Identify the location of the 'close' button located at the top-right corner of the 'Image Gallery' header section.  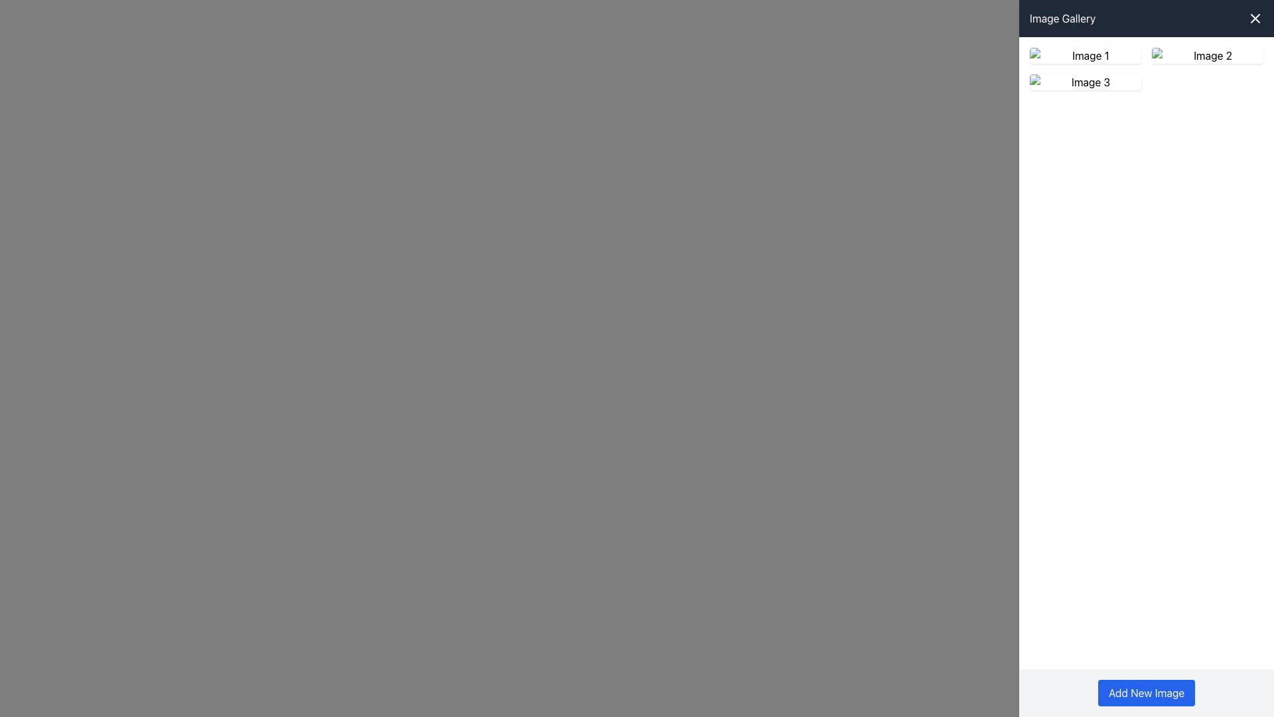
(1254, 18).